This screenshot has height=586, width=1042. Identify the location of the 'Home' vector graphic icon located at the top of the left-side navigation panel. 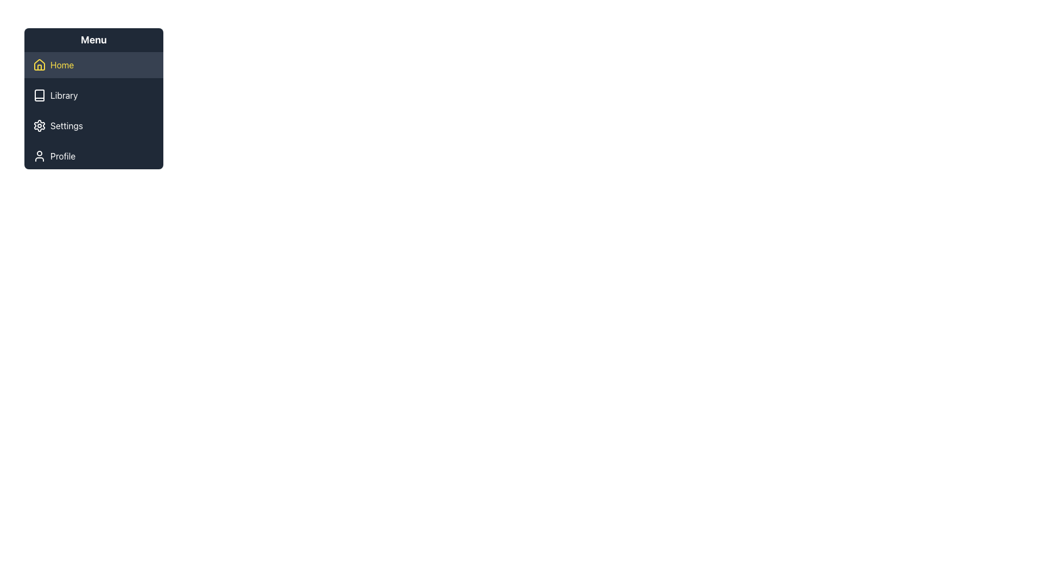
(39, 65).